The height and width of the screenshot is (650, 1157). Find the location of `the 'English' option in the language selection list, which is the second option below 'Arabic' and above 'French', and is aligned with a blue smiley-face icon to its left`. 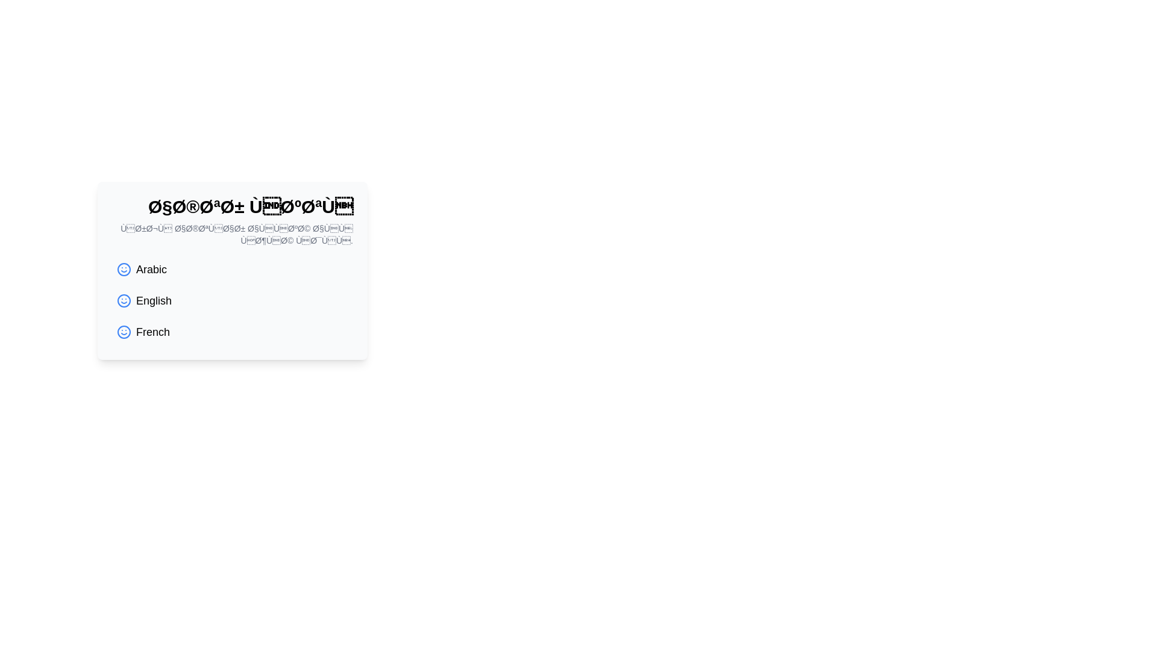

the 'English' option in the language selection list, which is the second option below 'Arabic' and above 'French', and is aligned with a blue smiley-face icon to its left is located at coordinates (153, 300).